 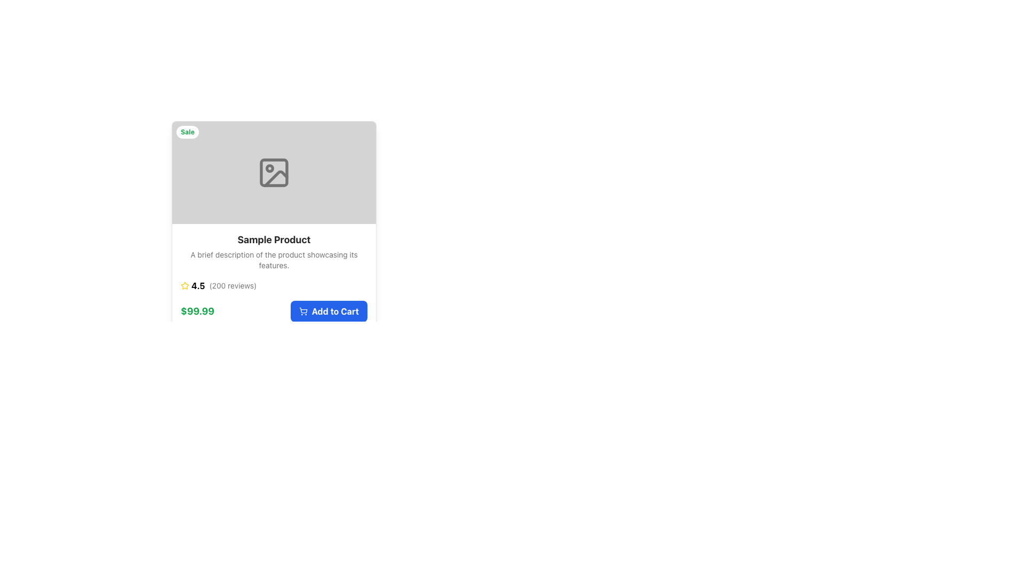 I want to click on the Rating and Review Summary element, which displays the product's rating and review count, located below the product description and above the price and 'Add to Cart' button, so click(x=274, y=285).